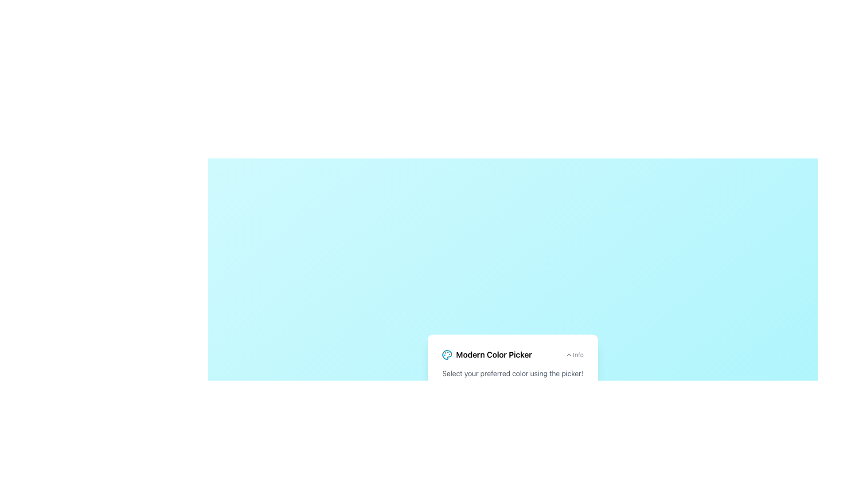 This screenshot has width=851, height=478. Describe the element at coordinates (574, 354) in the screenshot. I see `the informational toggle text with an associated icon located at the bottom-right corner of the 'Modern Color Picker' section` at that location.